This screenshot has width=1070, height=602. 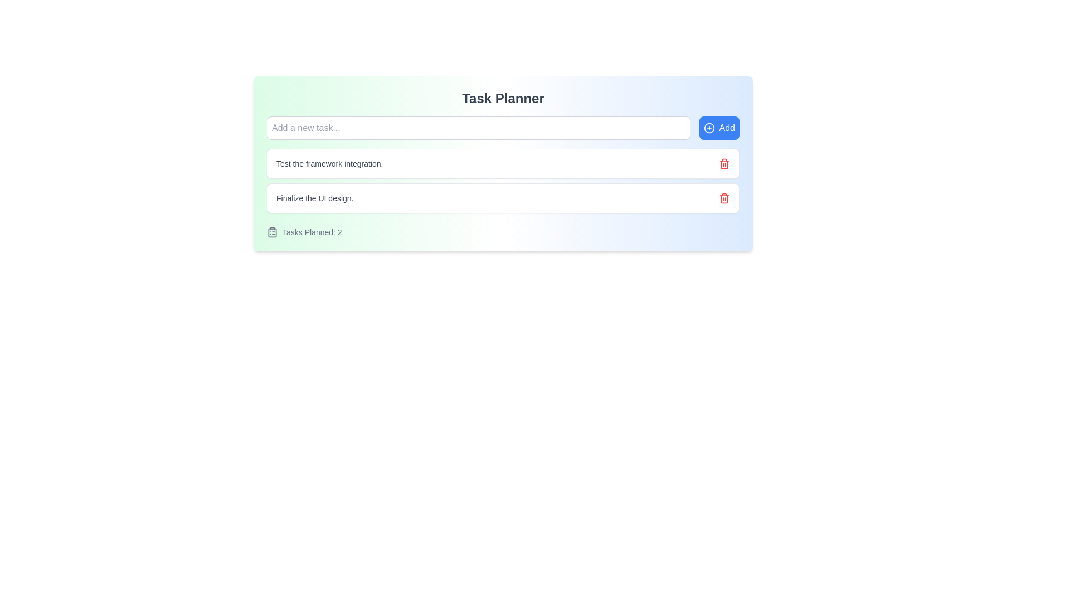 I want to click on the 'delete' button located at the far right of the task entry labeled 'Finalize the UI design', so click(x=724, y=197).